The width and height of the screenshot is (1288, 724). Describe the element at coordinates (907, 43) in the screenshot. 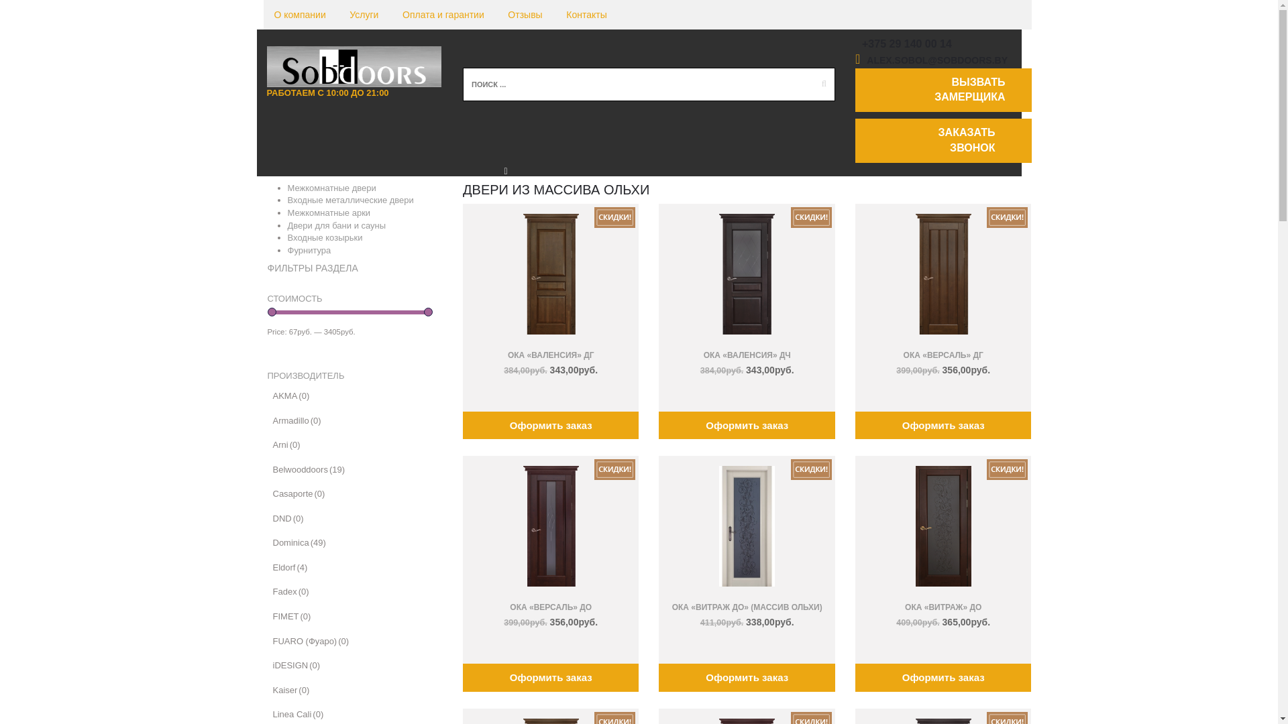

I see `'+375 29 140 00 14'` at that location.